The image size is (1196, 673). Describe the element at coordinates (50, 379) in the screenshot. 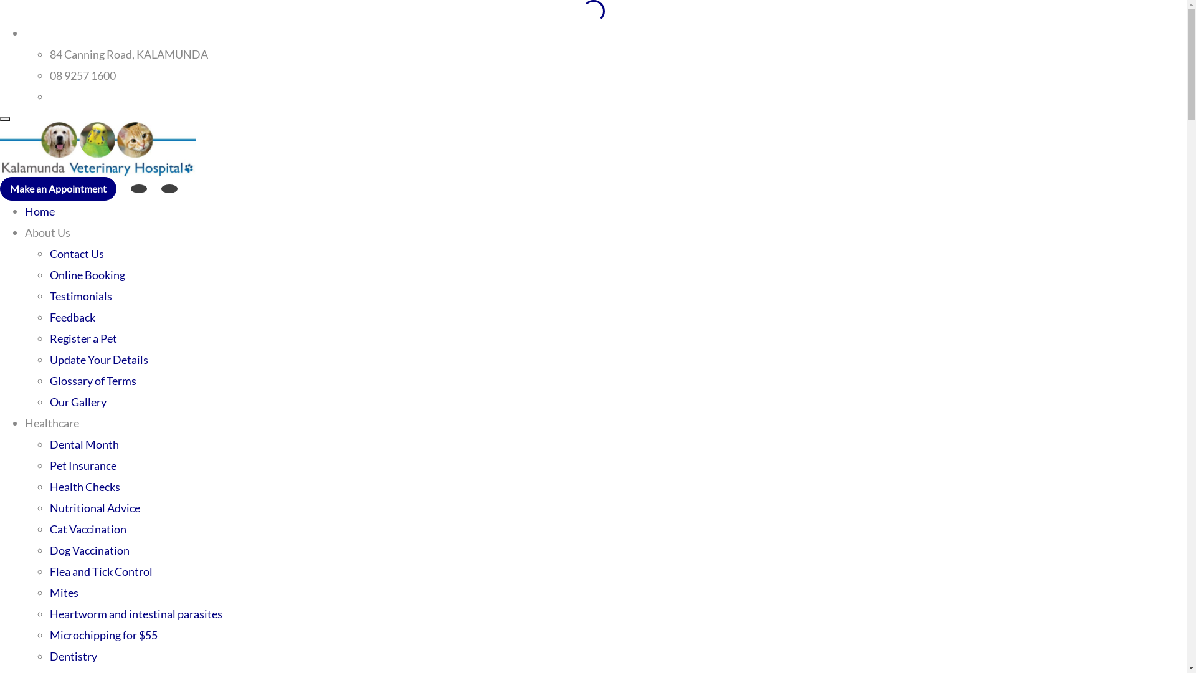

I see `'Glossary of Terms'` at that location.